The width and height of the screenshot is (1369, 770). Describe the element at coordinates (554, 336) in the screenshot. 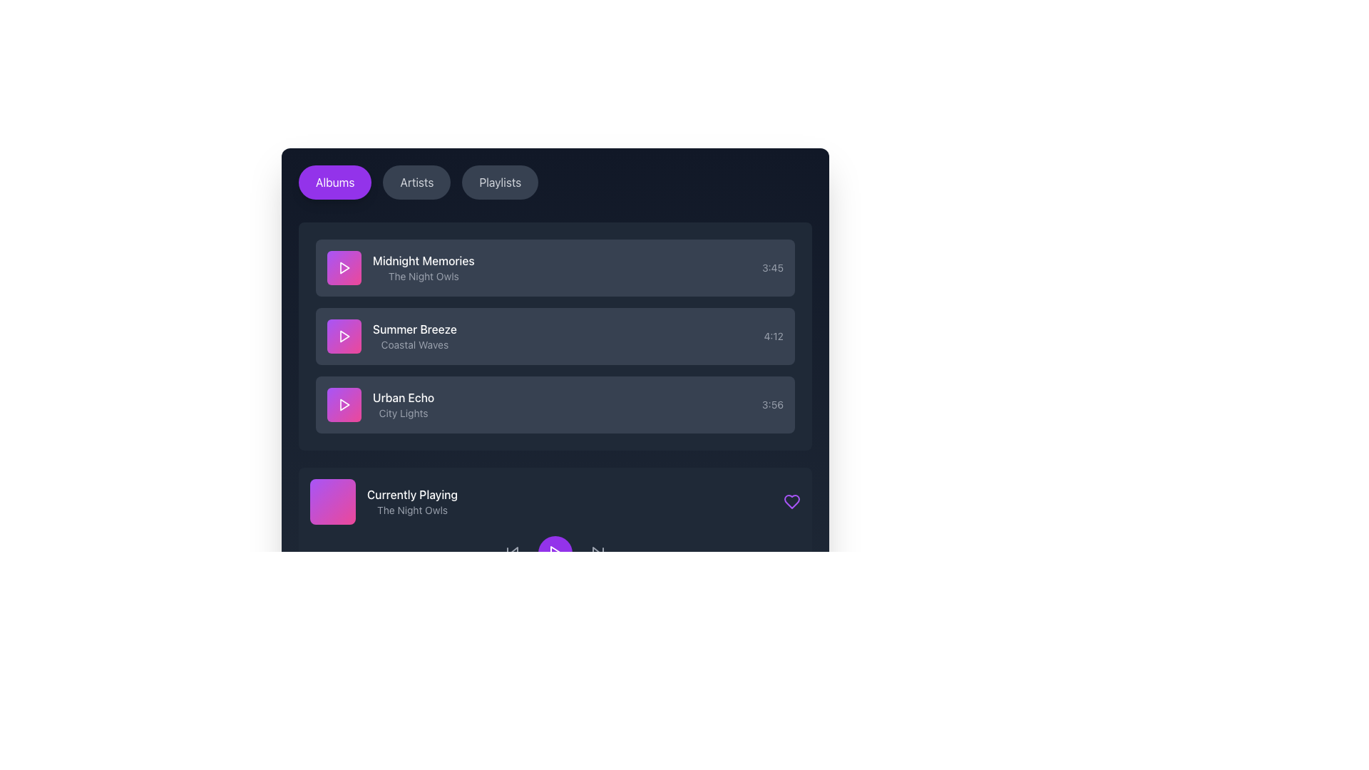

I see `the second song entry in the list, which displays the title, artist, and duration` at that location.